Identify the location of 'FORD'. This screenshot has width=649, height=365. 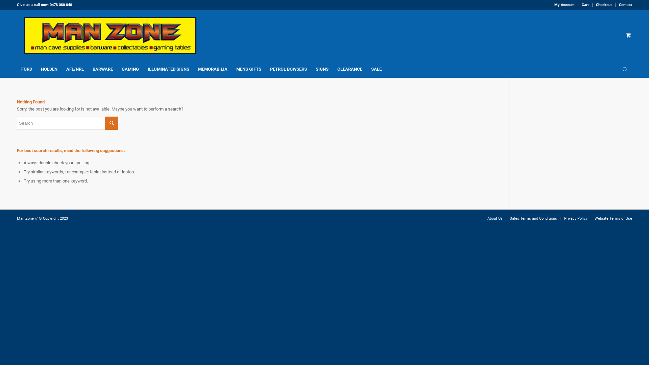
(26, 69).